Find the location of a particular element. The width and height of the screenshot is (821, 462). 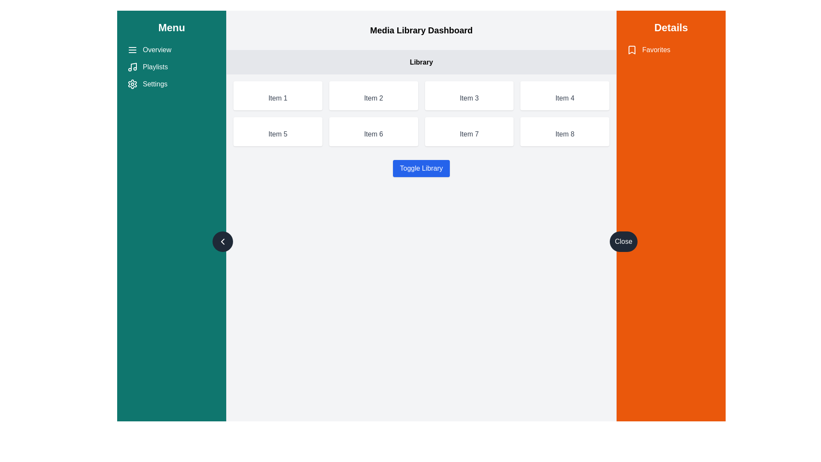

the rectangular button labeled 'Item 6' with a white background and shadow effect is located at coordinates (373, 132).